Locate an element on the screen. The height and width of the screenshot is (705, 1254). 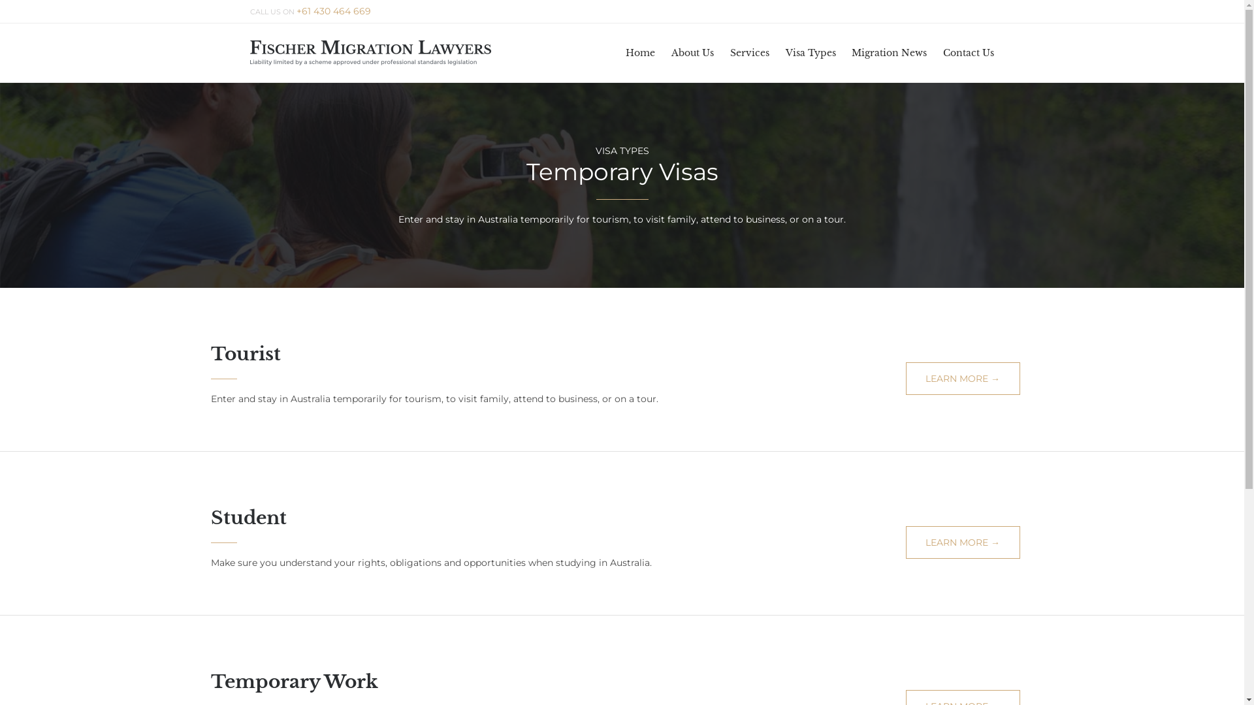
'Home' is located at coordinates (640, 52).